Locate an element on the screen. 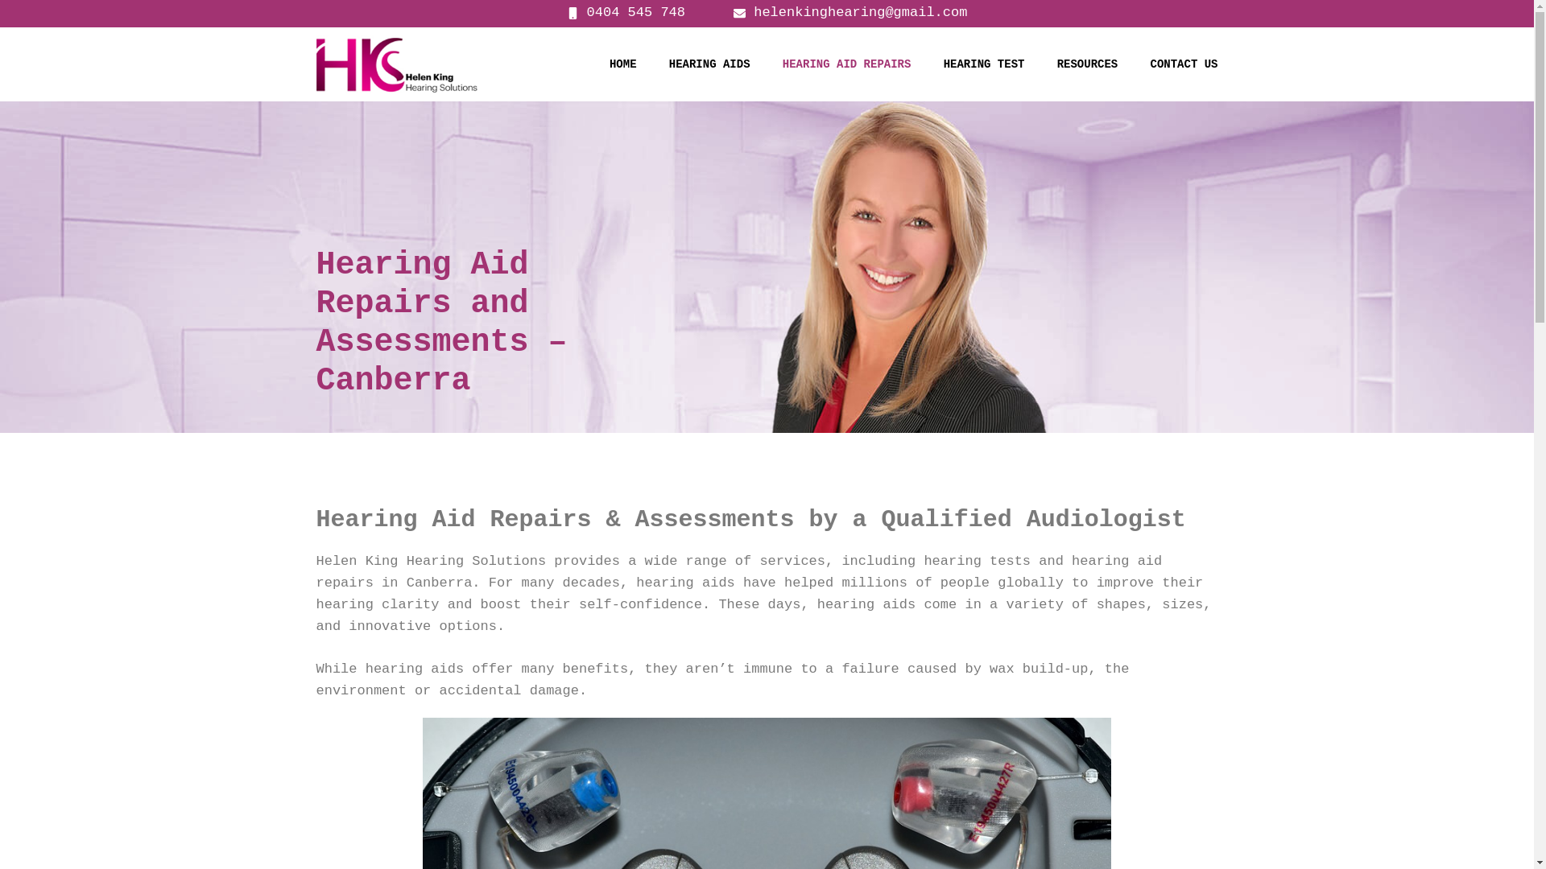 The height and width of the screenshot is (869, 1546). 'HOME' is located at coordinates (622, 64).